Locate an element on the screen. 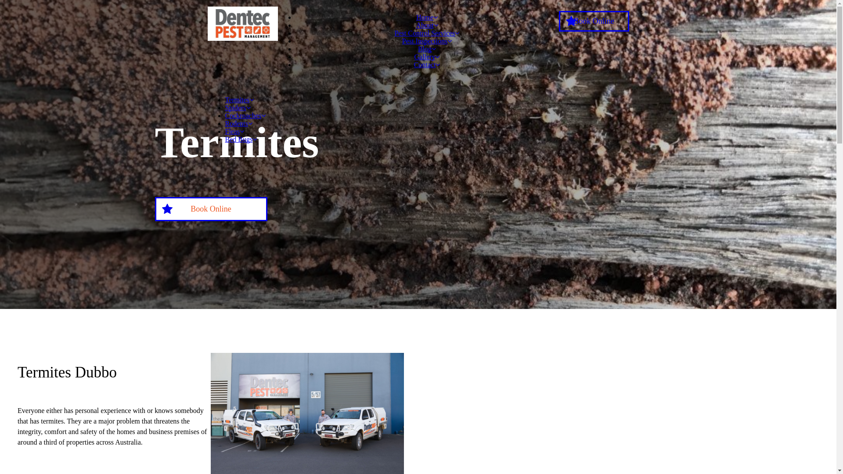  'Termites' is located at coordinates (239, 99).